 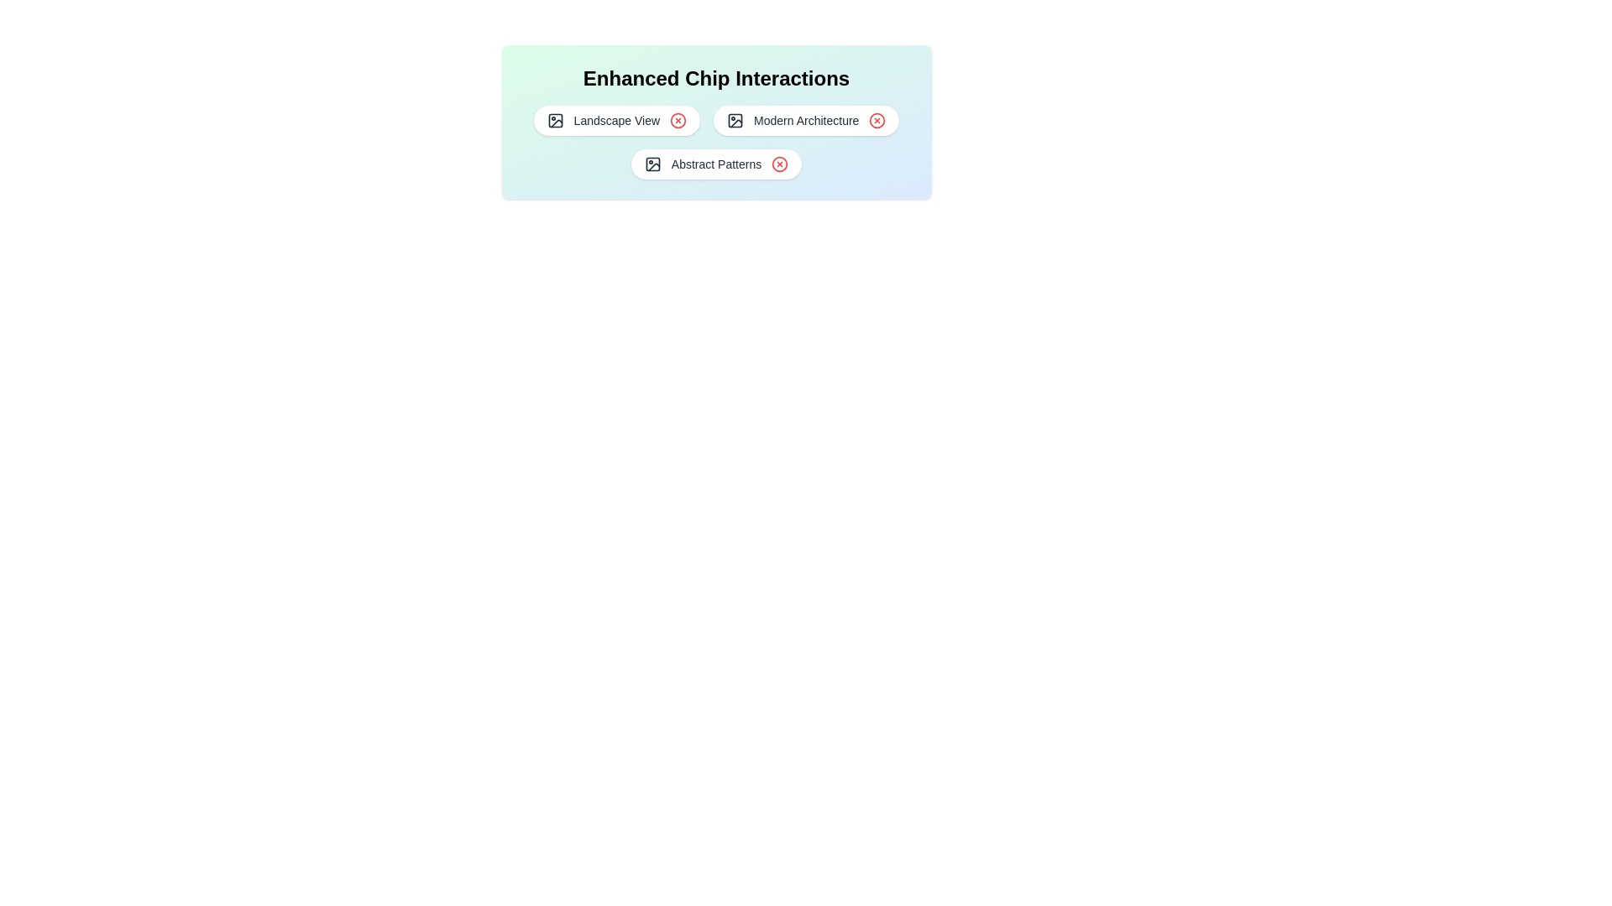 I want to click on the red 'X' icon of the chip labeled 'Landscape View' to remove it, so click(x=678, y=119).